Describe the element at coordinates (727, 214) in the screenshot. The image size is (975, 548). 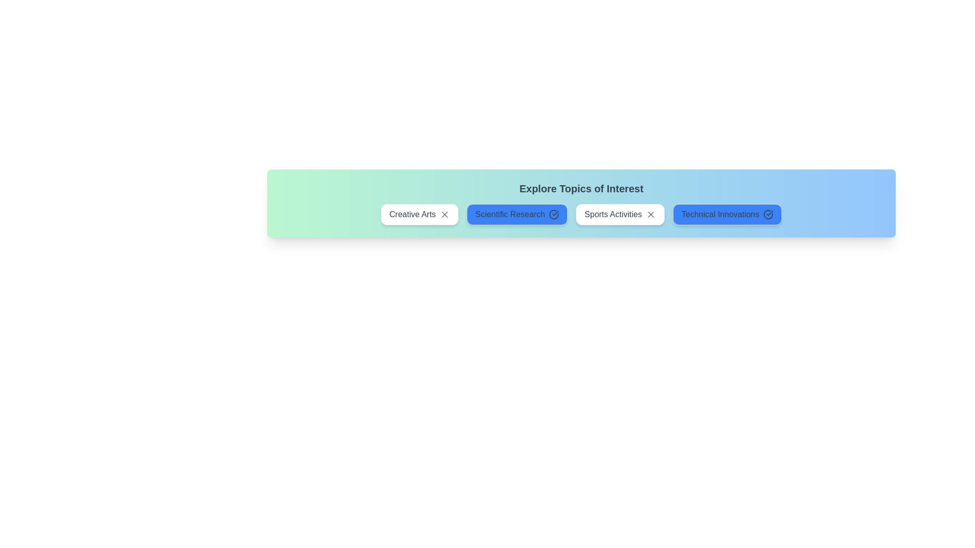
I see `the chip labeled Technical Innovations` at that location.